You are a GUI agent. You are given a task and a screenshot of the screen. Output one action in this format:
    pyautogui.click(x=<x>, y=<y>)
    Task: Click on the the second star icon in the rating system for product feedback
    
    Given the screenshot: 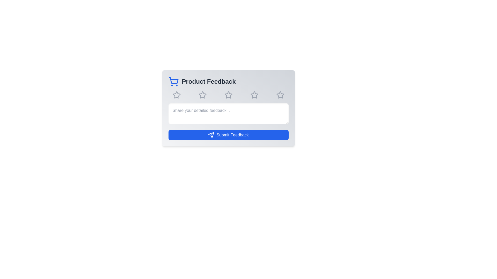 What is the action you would take?
    pyautogui.click(x=202, y=95)
    